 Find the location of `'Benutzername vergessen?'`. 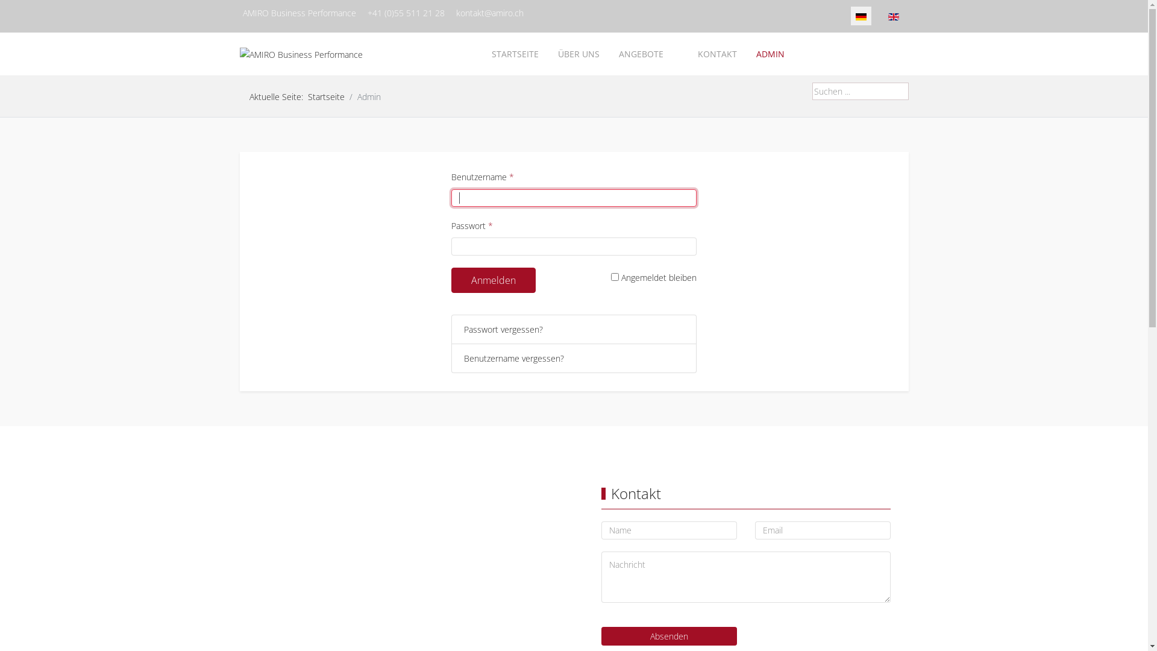

'Benutzername vergessen?' is located at coordinates (514, 357).